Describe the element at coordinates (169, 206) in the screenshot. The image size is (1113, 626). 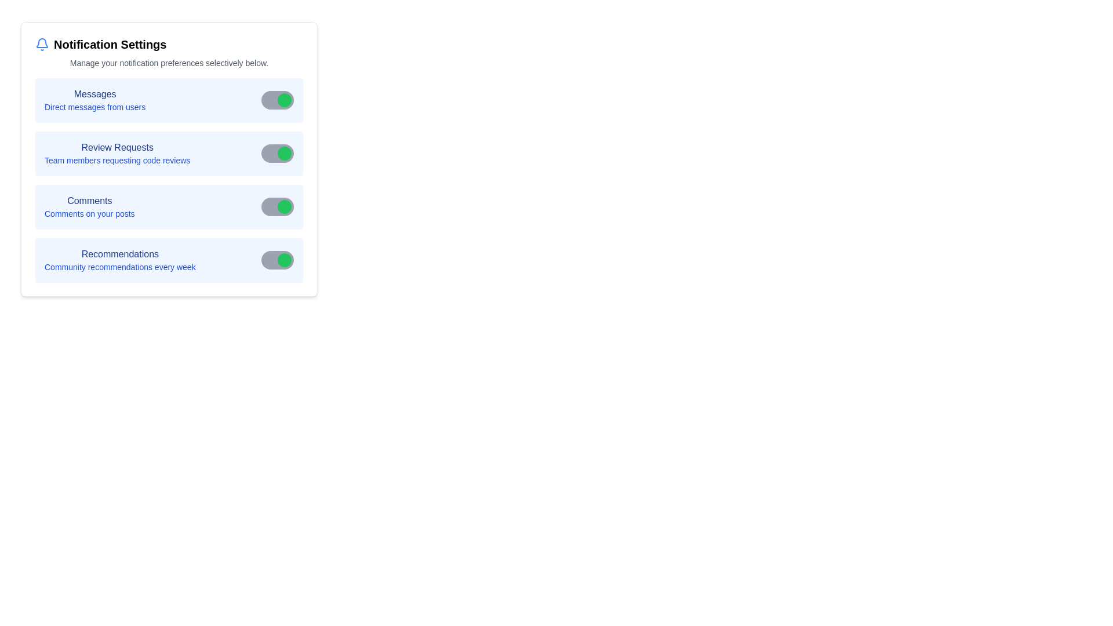
I see `the toggle switch for the 'Comments' notification setting, which is the third item in the notification settings panel` at that location.